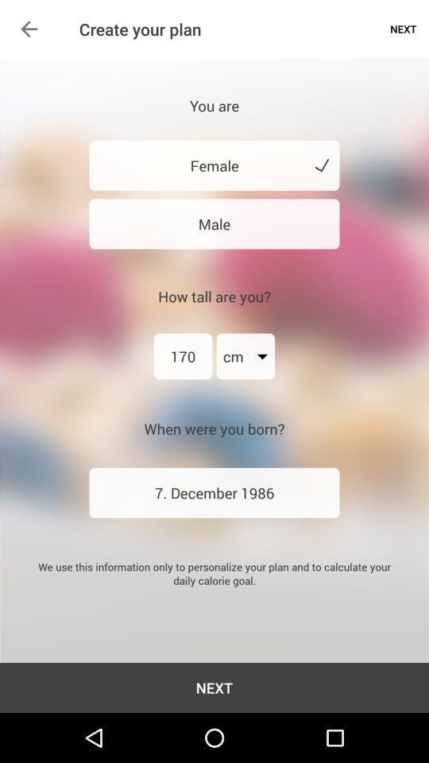 The image size is (429, 763). Describe the element at coordinates (245, 356) in the screenshot. I see `the item below how tall are item` at that location.